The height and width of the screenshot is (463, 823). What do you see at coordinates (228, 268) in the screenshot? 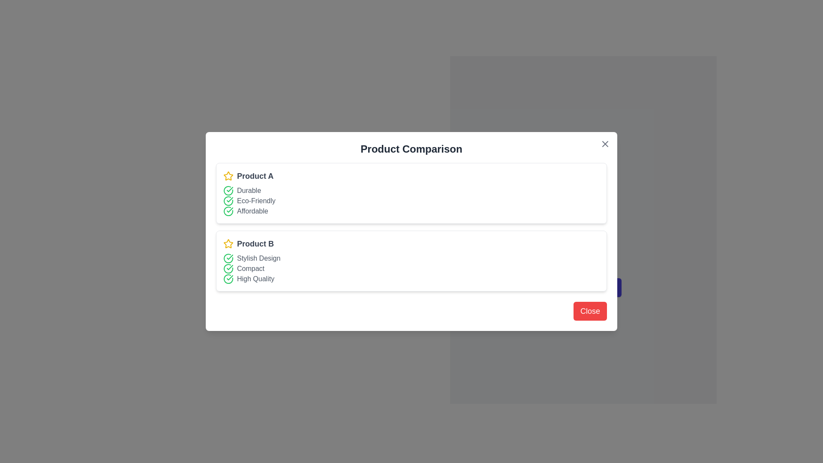
I see `the visual confirmation indicator icon for the 'Compact' feature of 'Product B', located next to the text 'Compact'` at bounding box center [228, 268].